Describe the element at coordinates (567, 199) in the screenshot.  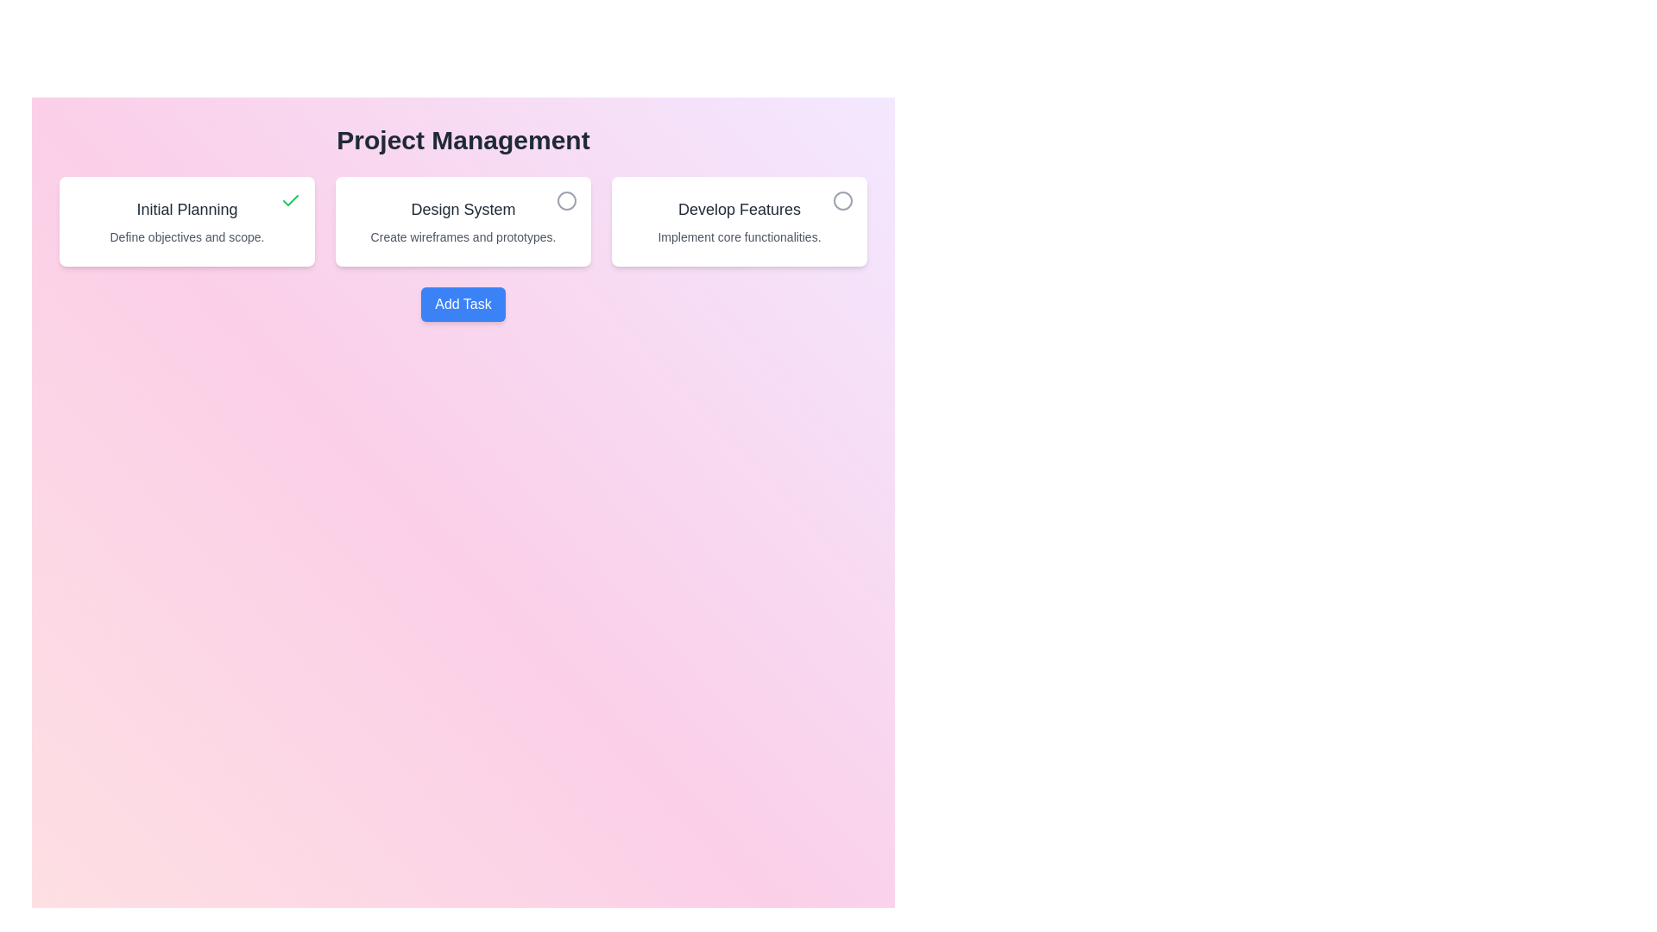
I see `the task identified by its title Design System` at that location.